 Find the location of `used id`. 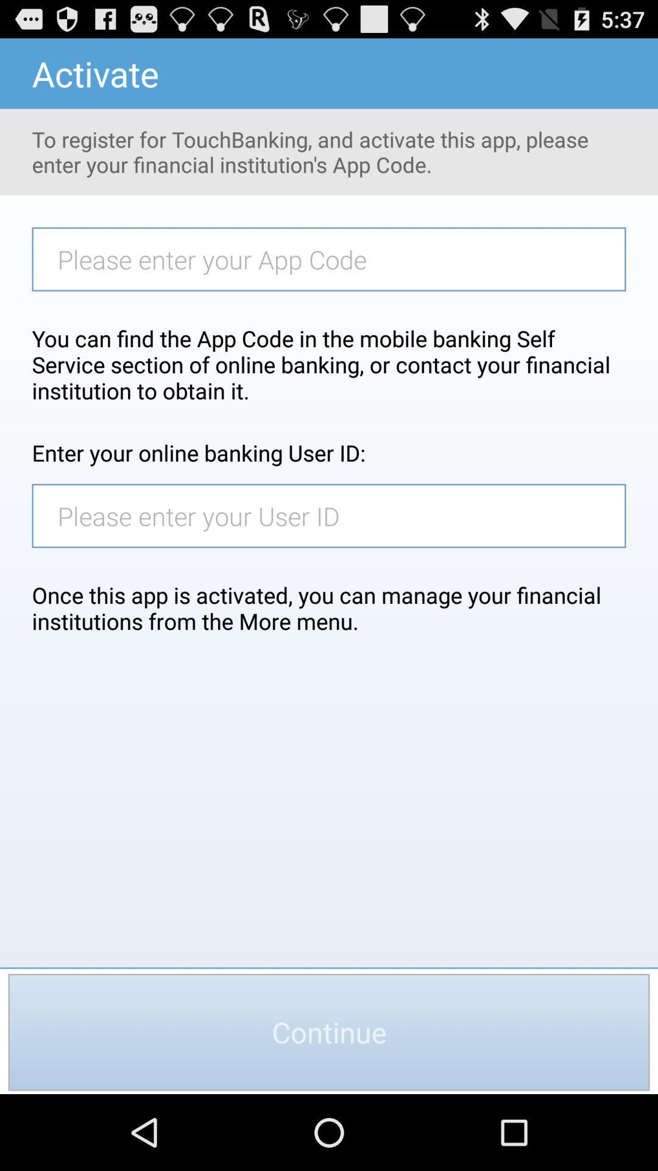

used id is located at coordinates (335, 515).